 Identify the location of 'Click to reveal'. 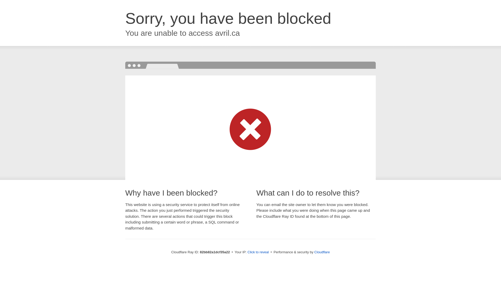
(258, 252).